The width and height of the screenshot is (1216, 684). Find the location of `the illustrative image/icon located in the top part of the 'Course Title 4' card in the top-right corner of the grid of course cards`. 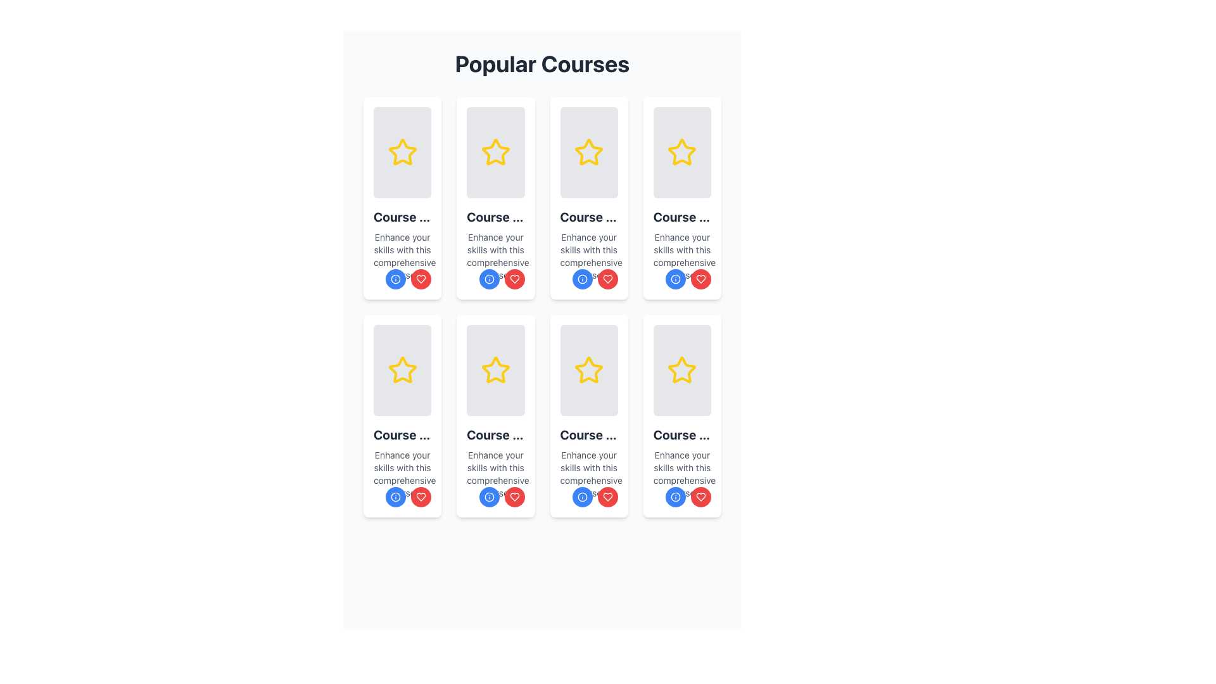

the illustrative image/icon located in the top part of the 'Course Title 4' card in the top-right corner of the grid of course cards is located at coordinates (681, 151).